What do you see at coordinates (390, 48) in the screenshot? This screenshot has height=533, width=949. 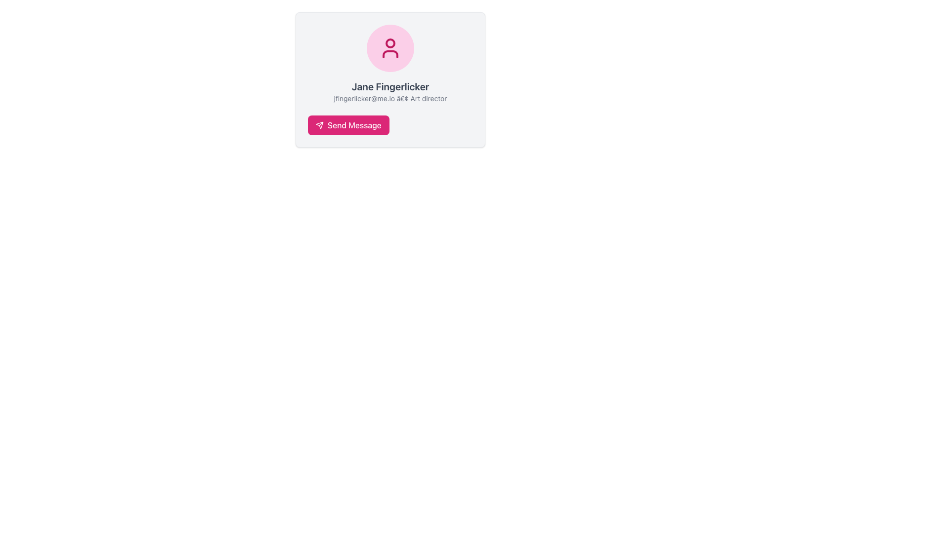 I see `the circular user avatar element with a pink background located at the top of the card layout` at bounding box center [390, 48].